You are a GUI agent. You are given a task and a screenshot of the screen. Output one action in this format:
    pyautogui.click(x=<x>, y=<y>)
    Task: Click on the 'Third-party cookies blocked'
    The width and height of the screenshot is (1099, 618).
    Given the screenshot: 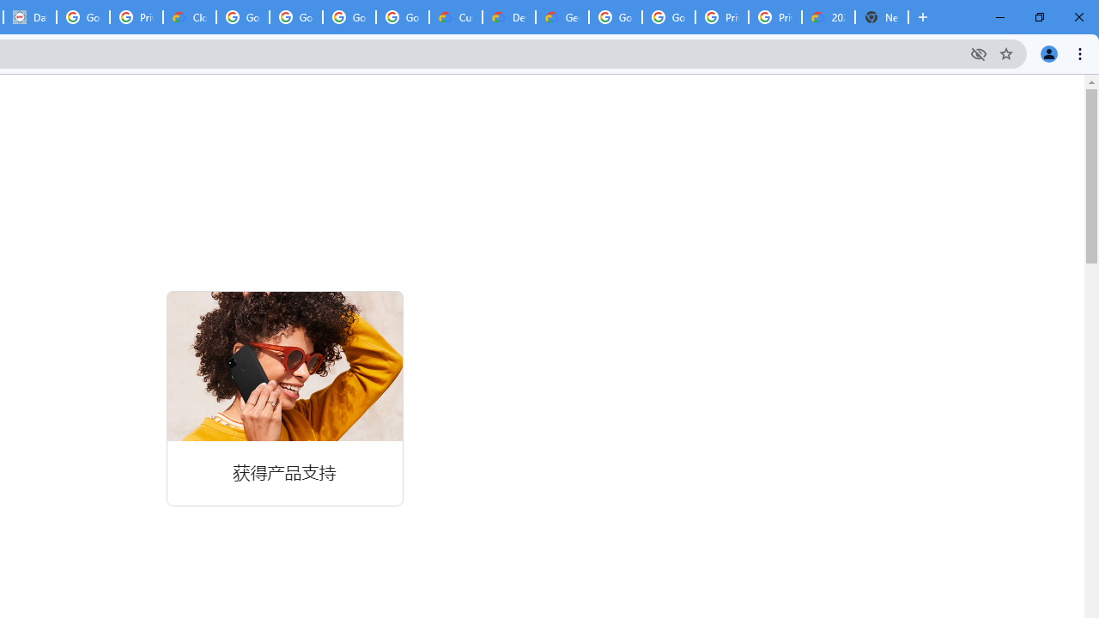 What is the action you would take?
    pyautogui.click(x=978, y=52)
    